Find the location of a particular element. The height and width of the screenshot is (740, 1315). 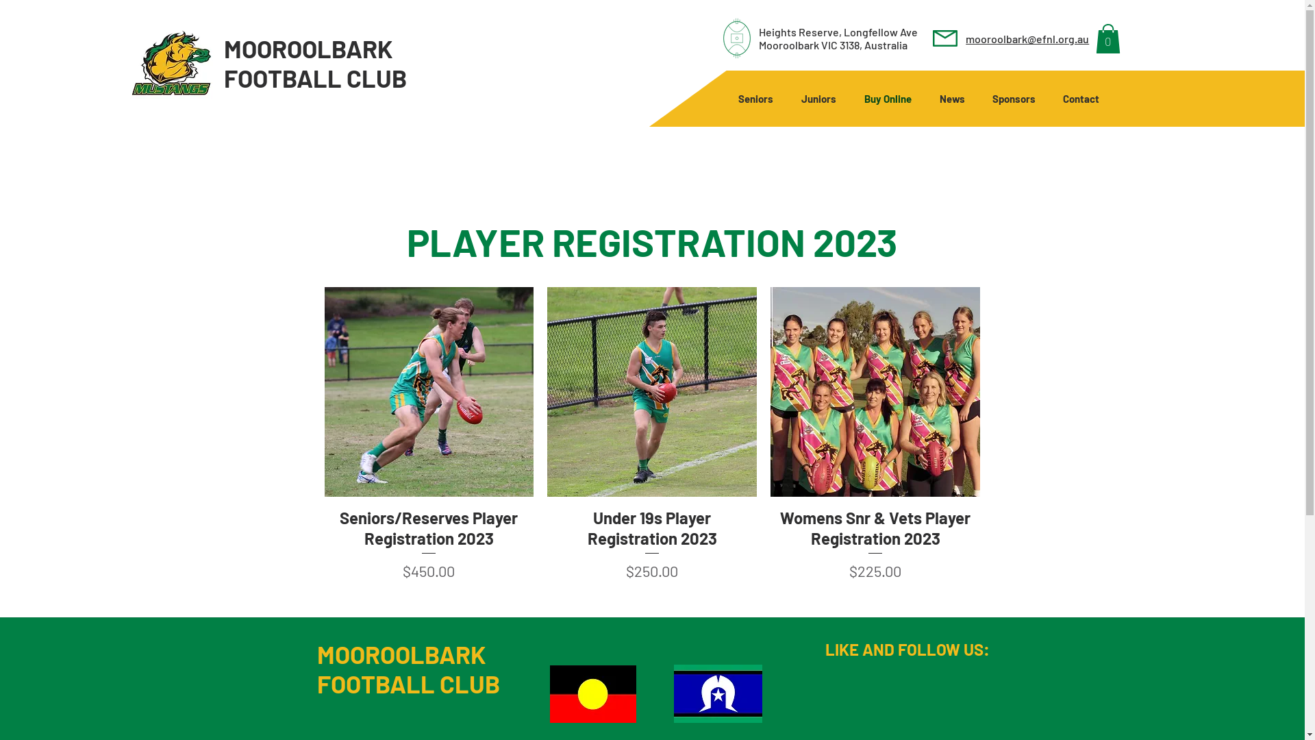

'News' is located at coordinates (926, 97).